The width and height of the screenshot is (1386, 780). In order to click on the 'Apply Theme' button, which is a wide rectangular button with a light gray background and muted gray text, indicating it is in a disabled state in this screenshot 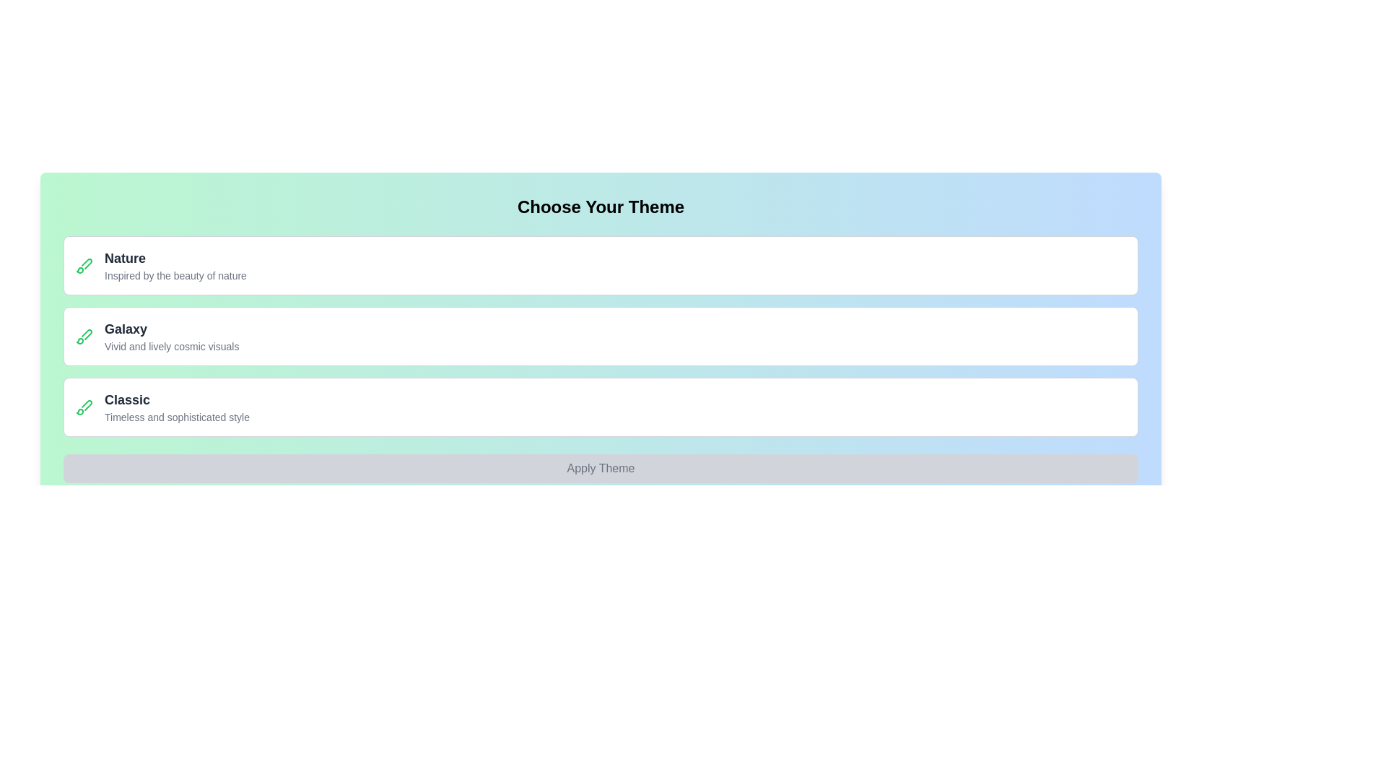, I will do `click(601, 468)`.